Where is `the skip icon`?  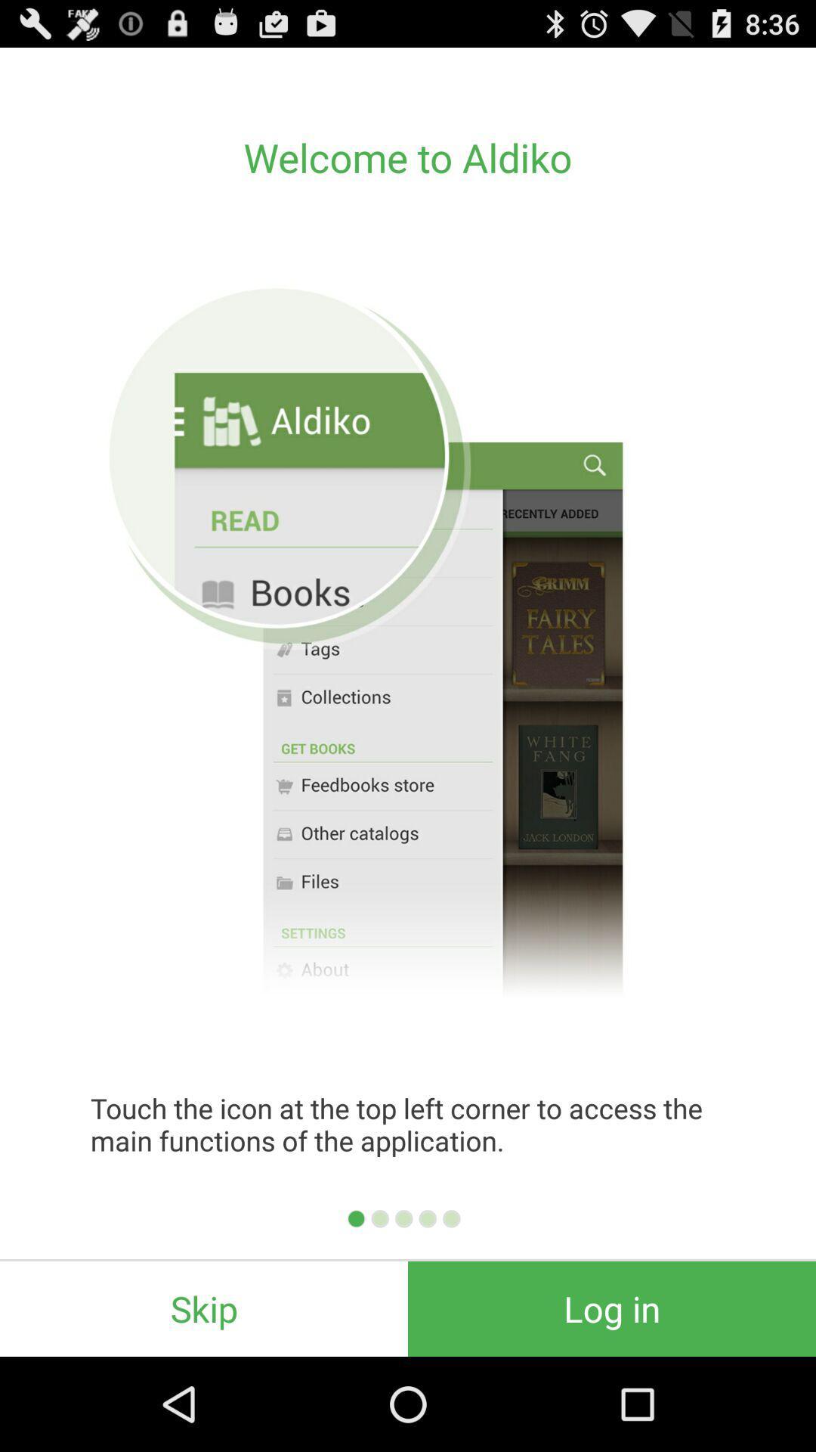
the skip icon is located at coordinates (204, 1308).